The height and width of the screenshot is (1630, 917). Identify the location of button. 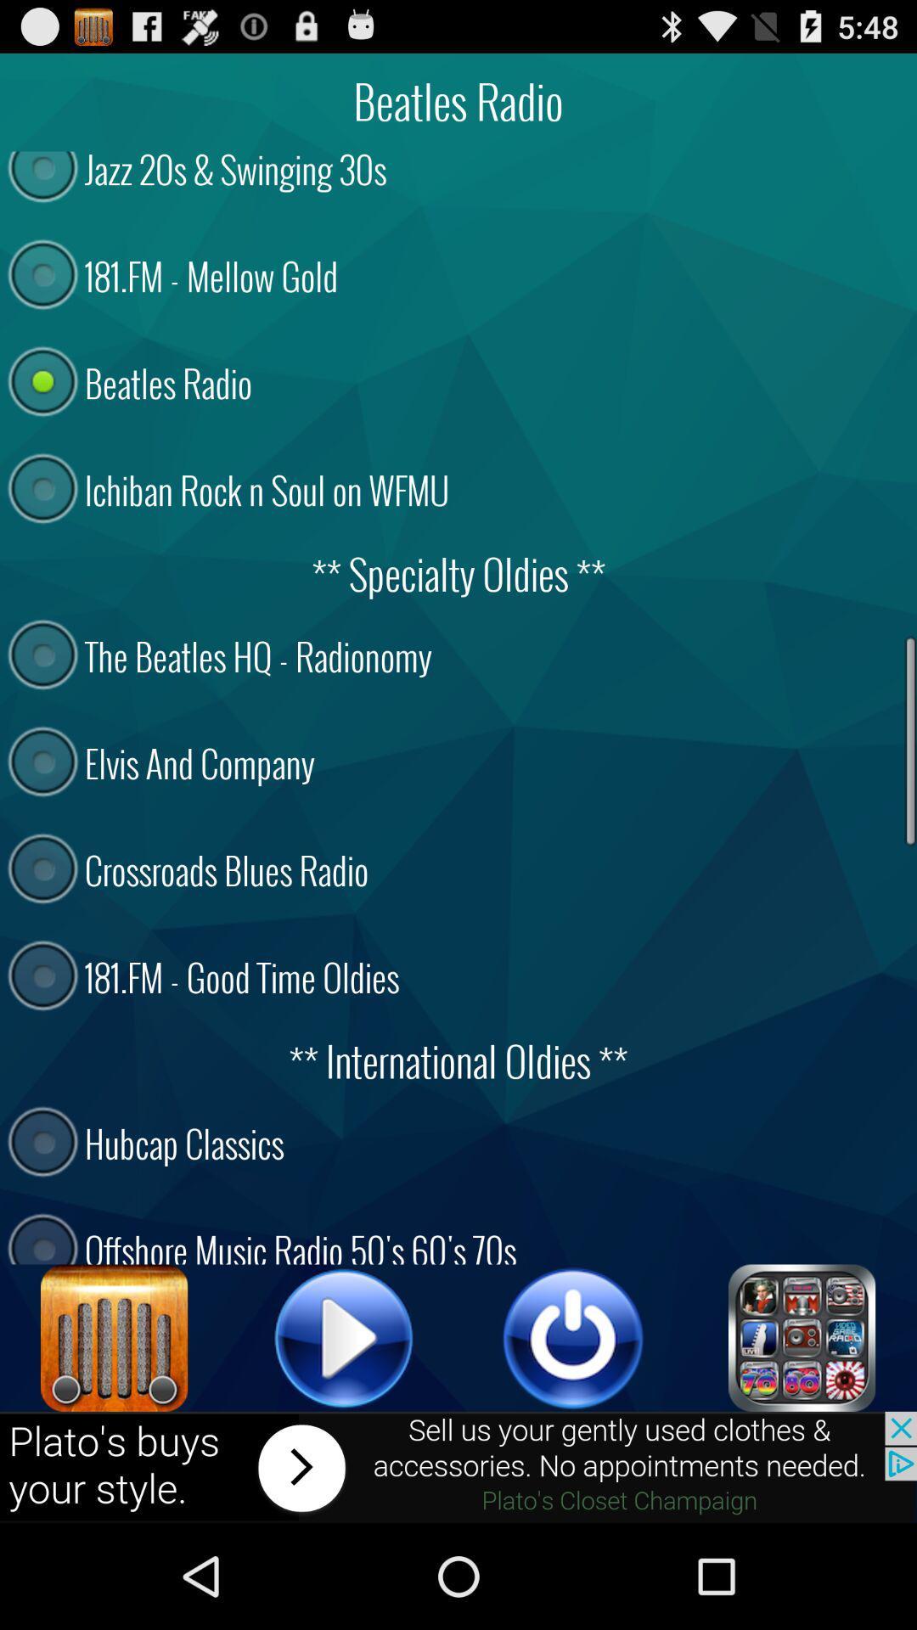
(344, 1337).